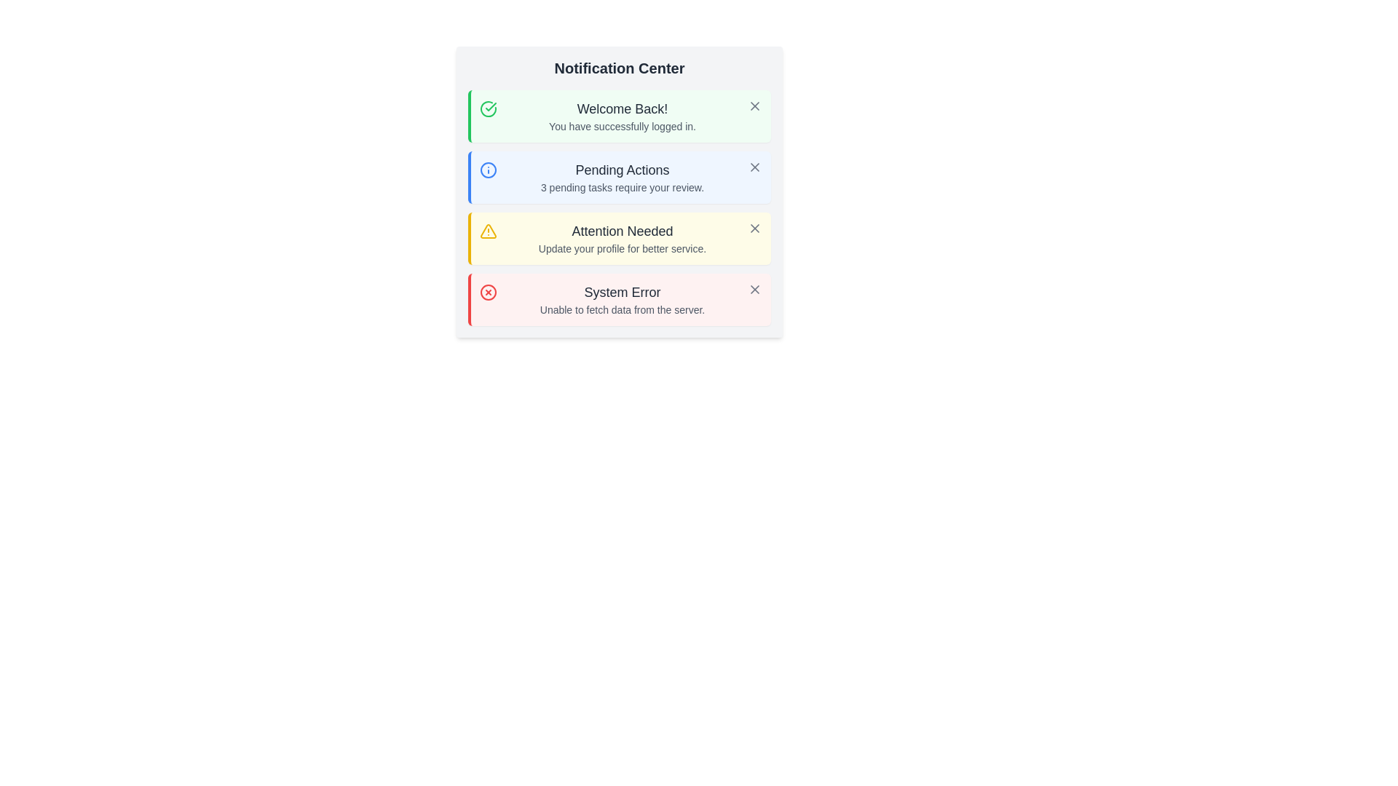 The width and height of the screenshot is (1398, 786). I want to click on the actions associated with the system error notification located in the bottom slot of the Notification Center, so click(622, 299).